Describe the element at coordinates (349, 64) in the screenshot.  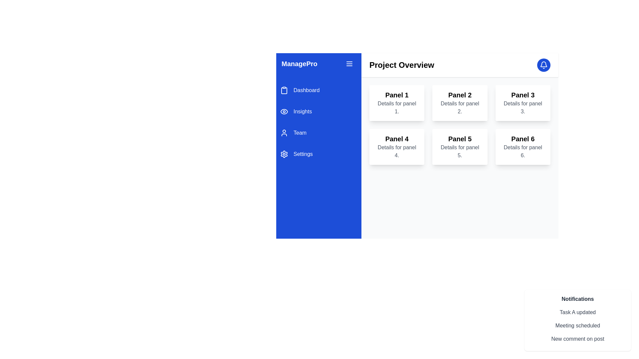
I see `the hamburger menu icon located to the right of the 'ManagePro' text in the blue sidebar` at that location.